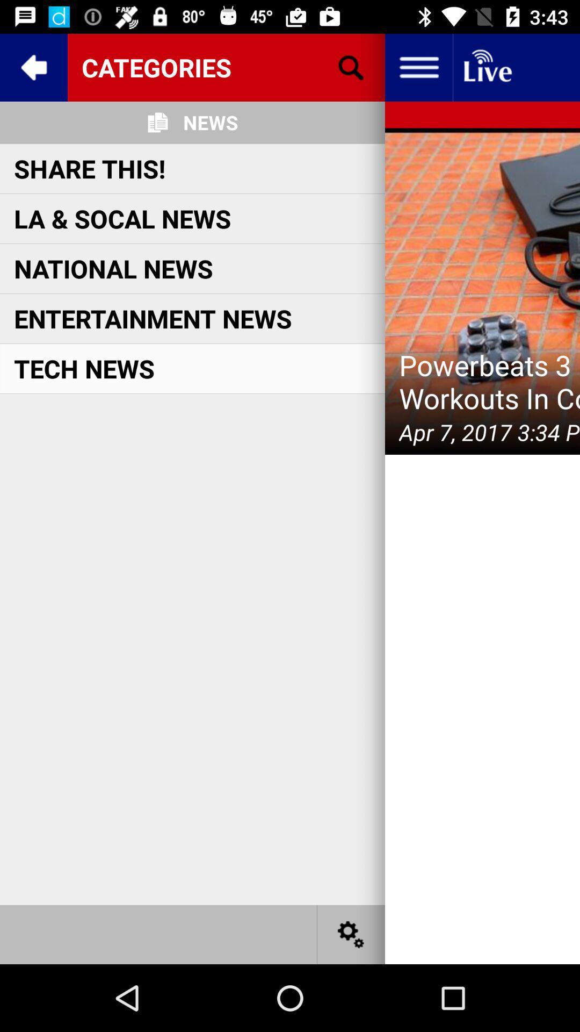 The image size is (580, 1032). Describe the element at coordinates (487, 67) in the screenshot. I see `he can activate the simple voice command` at that location.